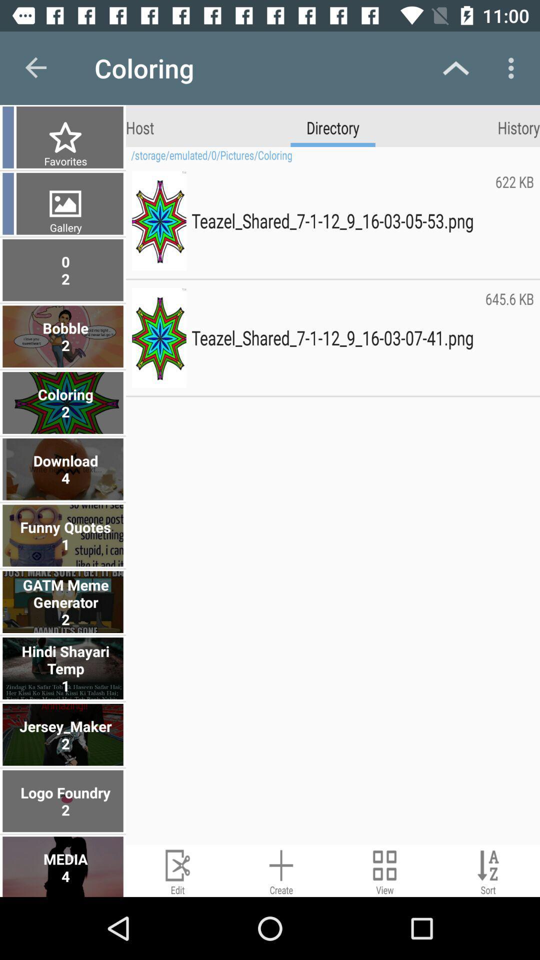 The width and height of the screenshot is (540, 960). What do you see at coordinates (64, 161) in the screenshot?
I see `item next to the storage emulated 0 item` at bounding box center [64, 161].